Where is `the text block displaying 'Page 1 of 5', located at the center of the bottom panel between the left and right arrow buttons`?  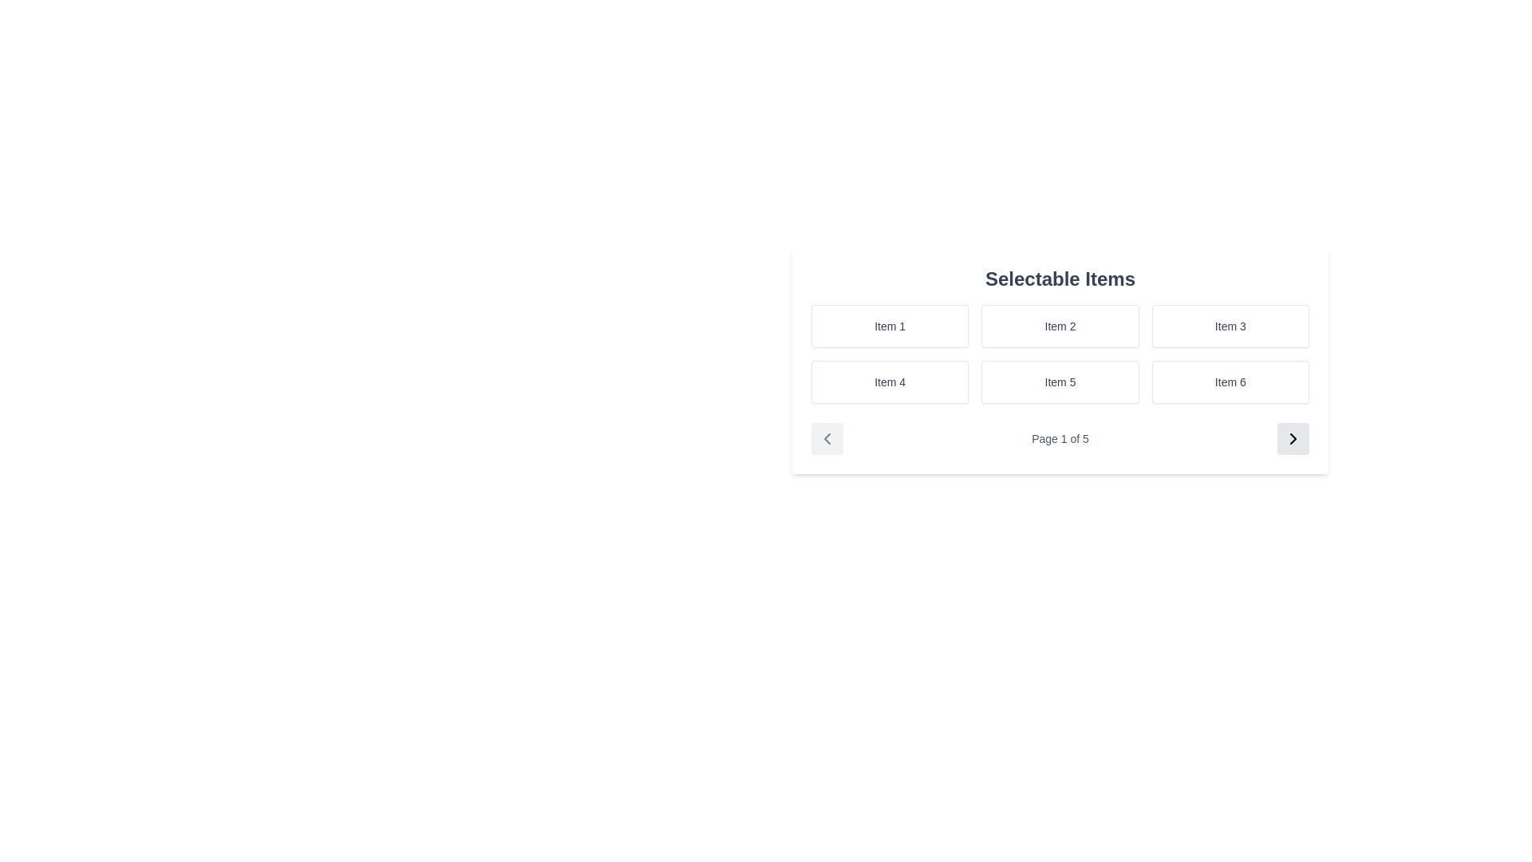
the text block displaying 'Page 1 of 5', located at the center of the bottom panel between the left and right arrow buttons is located at coordinates (1060, 439).